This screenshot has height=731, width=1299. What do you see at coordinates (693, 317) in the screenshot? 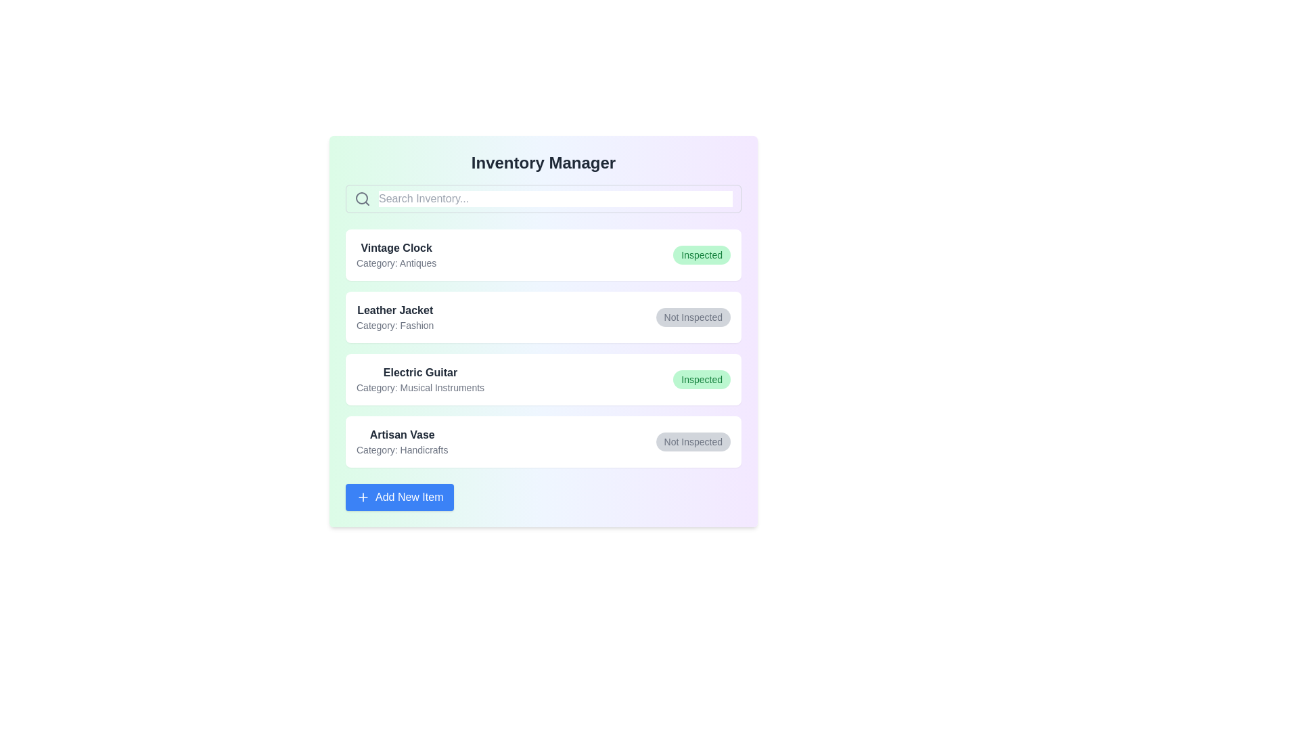
I see `the status button of the item labeled 'Leather Jacket'` at bounding box center [693, 317].